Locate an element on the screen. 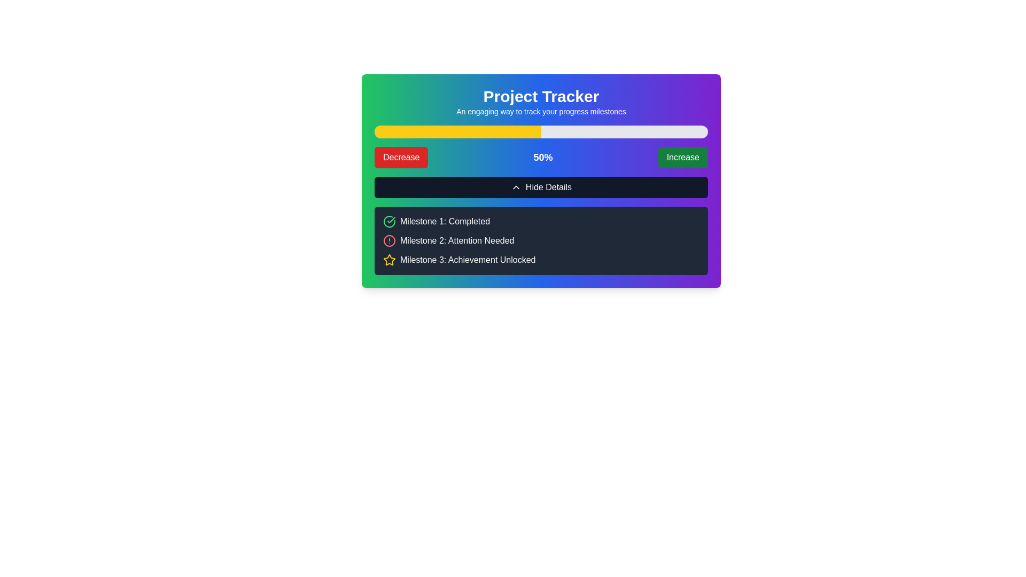 Image resolution: width=1026 pixels, height=577 pixels. the 'Hide Details' button, which is a horizontally-oriented button with a dark rectangle background and white text is located at coordinates (541, 187).